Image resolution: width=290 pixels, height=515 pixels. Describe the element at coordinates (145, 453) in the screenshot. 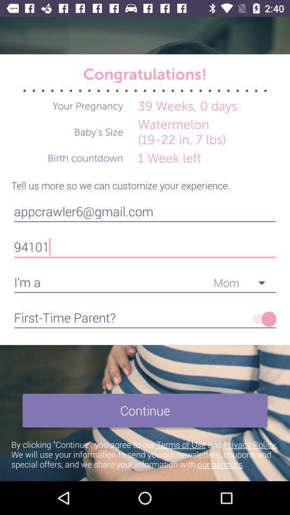

I see `icon below the continue icon` at that location.